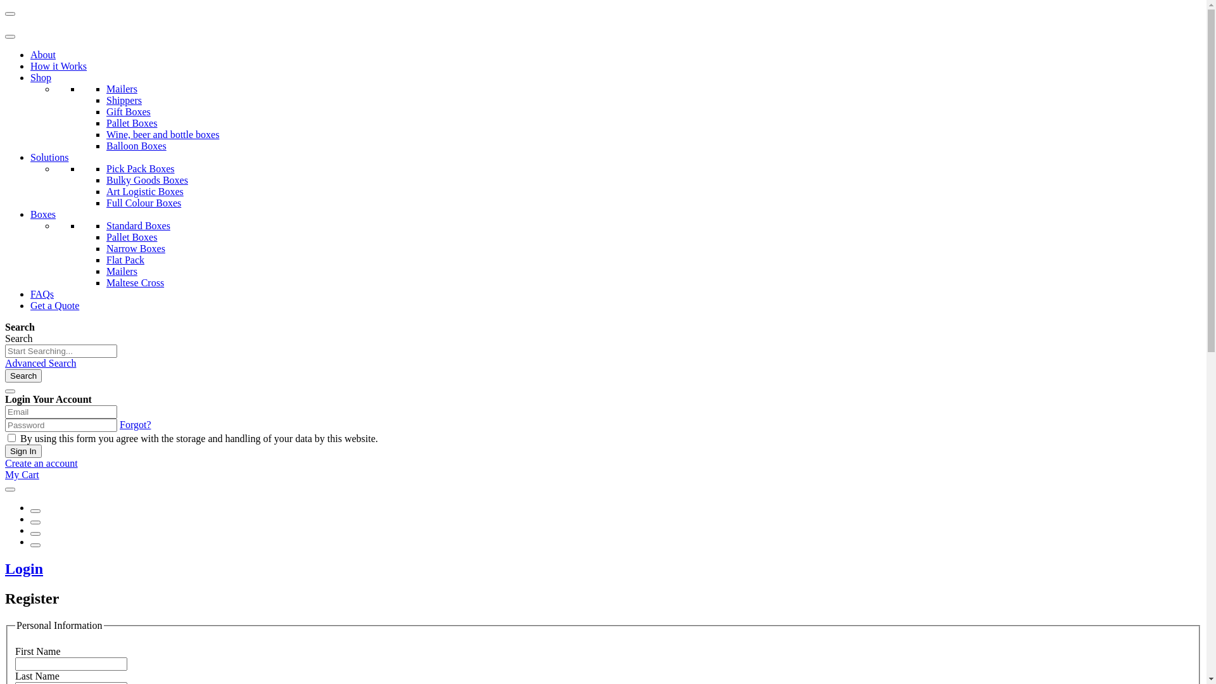 Image resolution: width=1216 pixels, height=684 pixels. I want to click on 'Maltese Cross', so click(106, 282).